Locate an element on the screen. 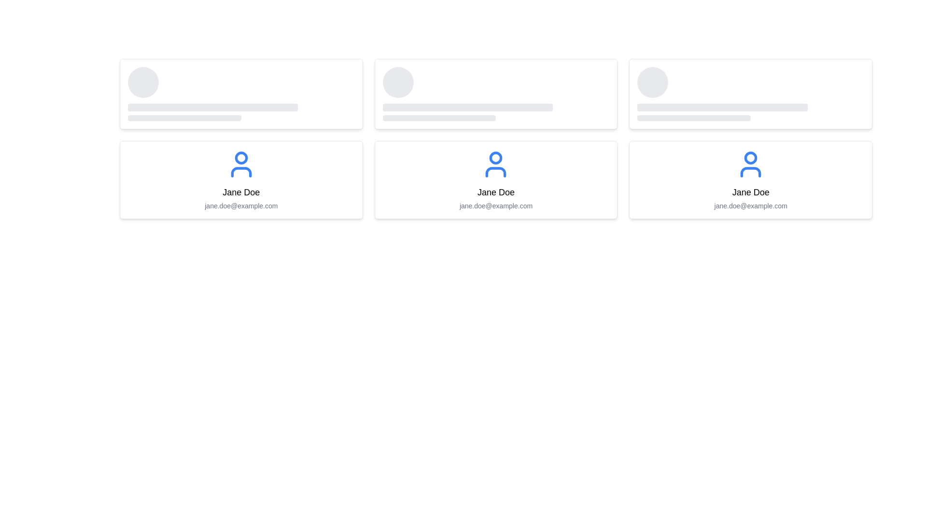 This screenshot has width=927, height=521. the third placeholder or skeleton loader card located in the top-right corner of the grid, which is currently in a loading state is located at coordinates (750, 94).